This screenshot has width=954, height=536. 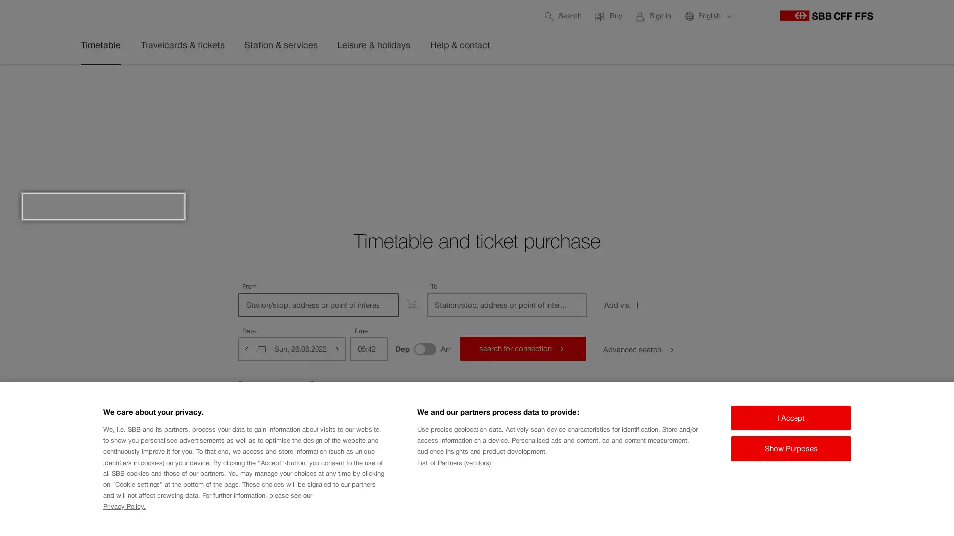 I want to click on Change language. Current language: English, so click(x=708, y=16).